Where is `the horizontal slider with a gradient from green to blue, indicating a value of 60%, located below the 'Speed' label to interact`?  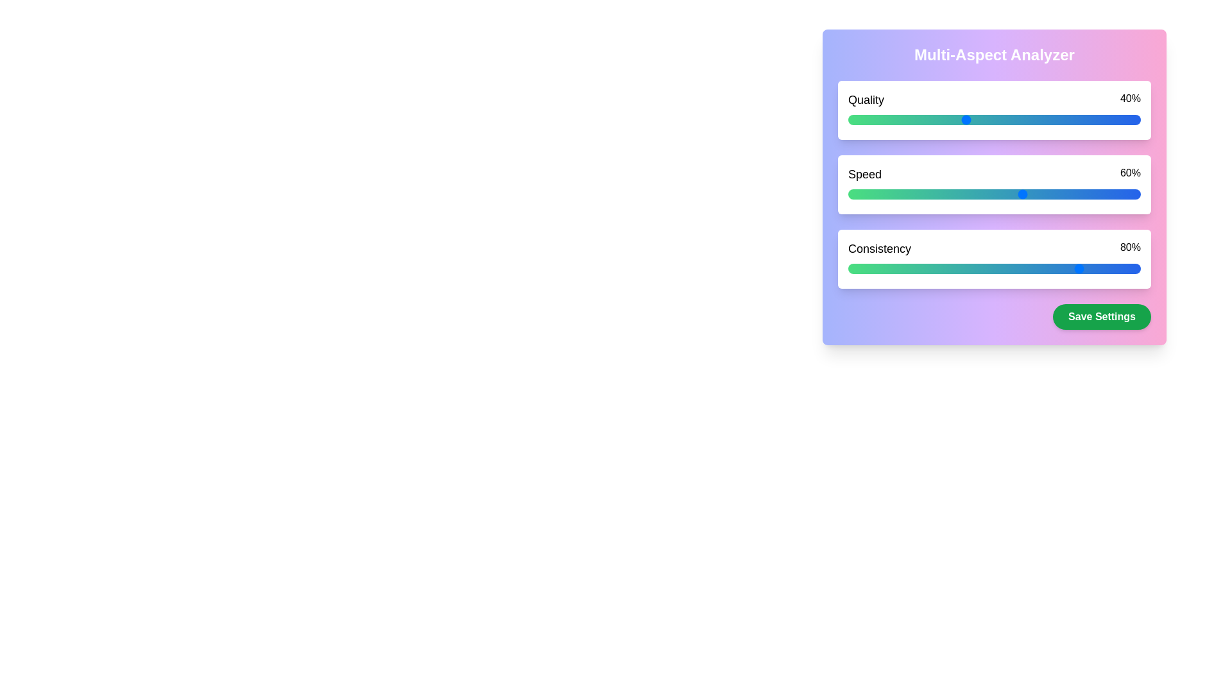
the horizontal slider with a gradient from green to blue, indicating a value of 60%, located below the 'Speed' label to interact is located at coordinates (994, 194).